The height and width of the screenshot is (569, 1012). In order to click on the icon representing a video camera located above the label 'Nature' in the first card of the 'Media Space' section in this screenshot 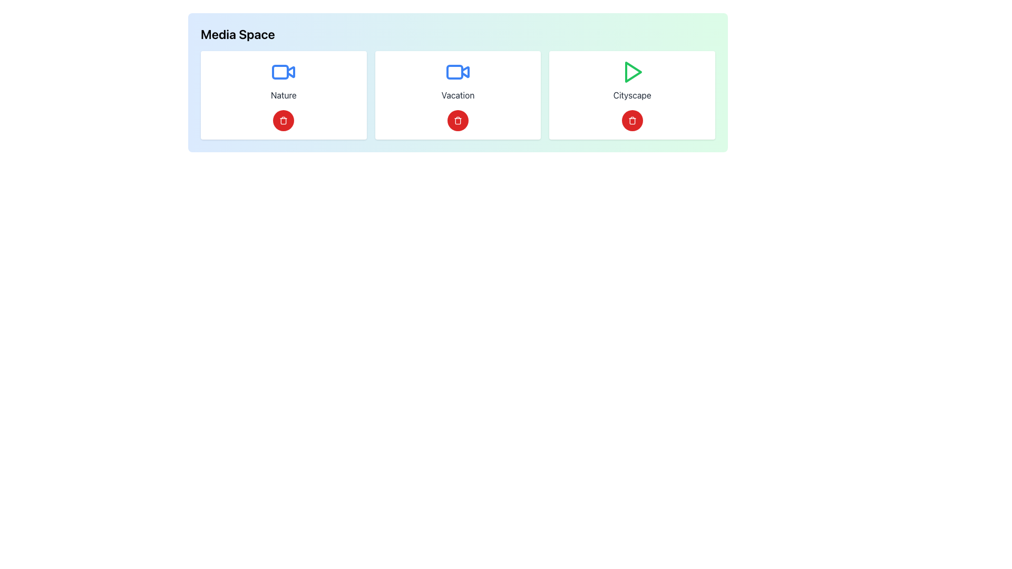, I will do `click(291, 71)`.